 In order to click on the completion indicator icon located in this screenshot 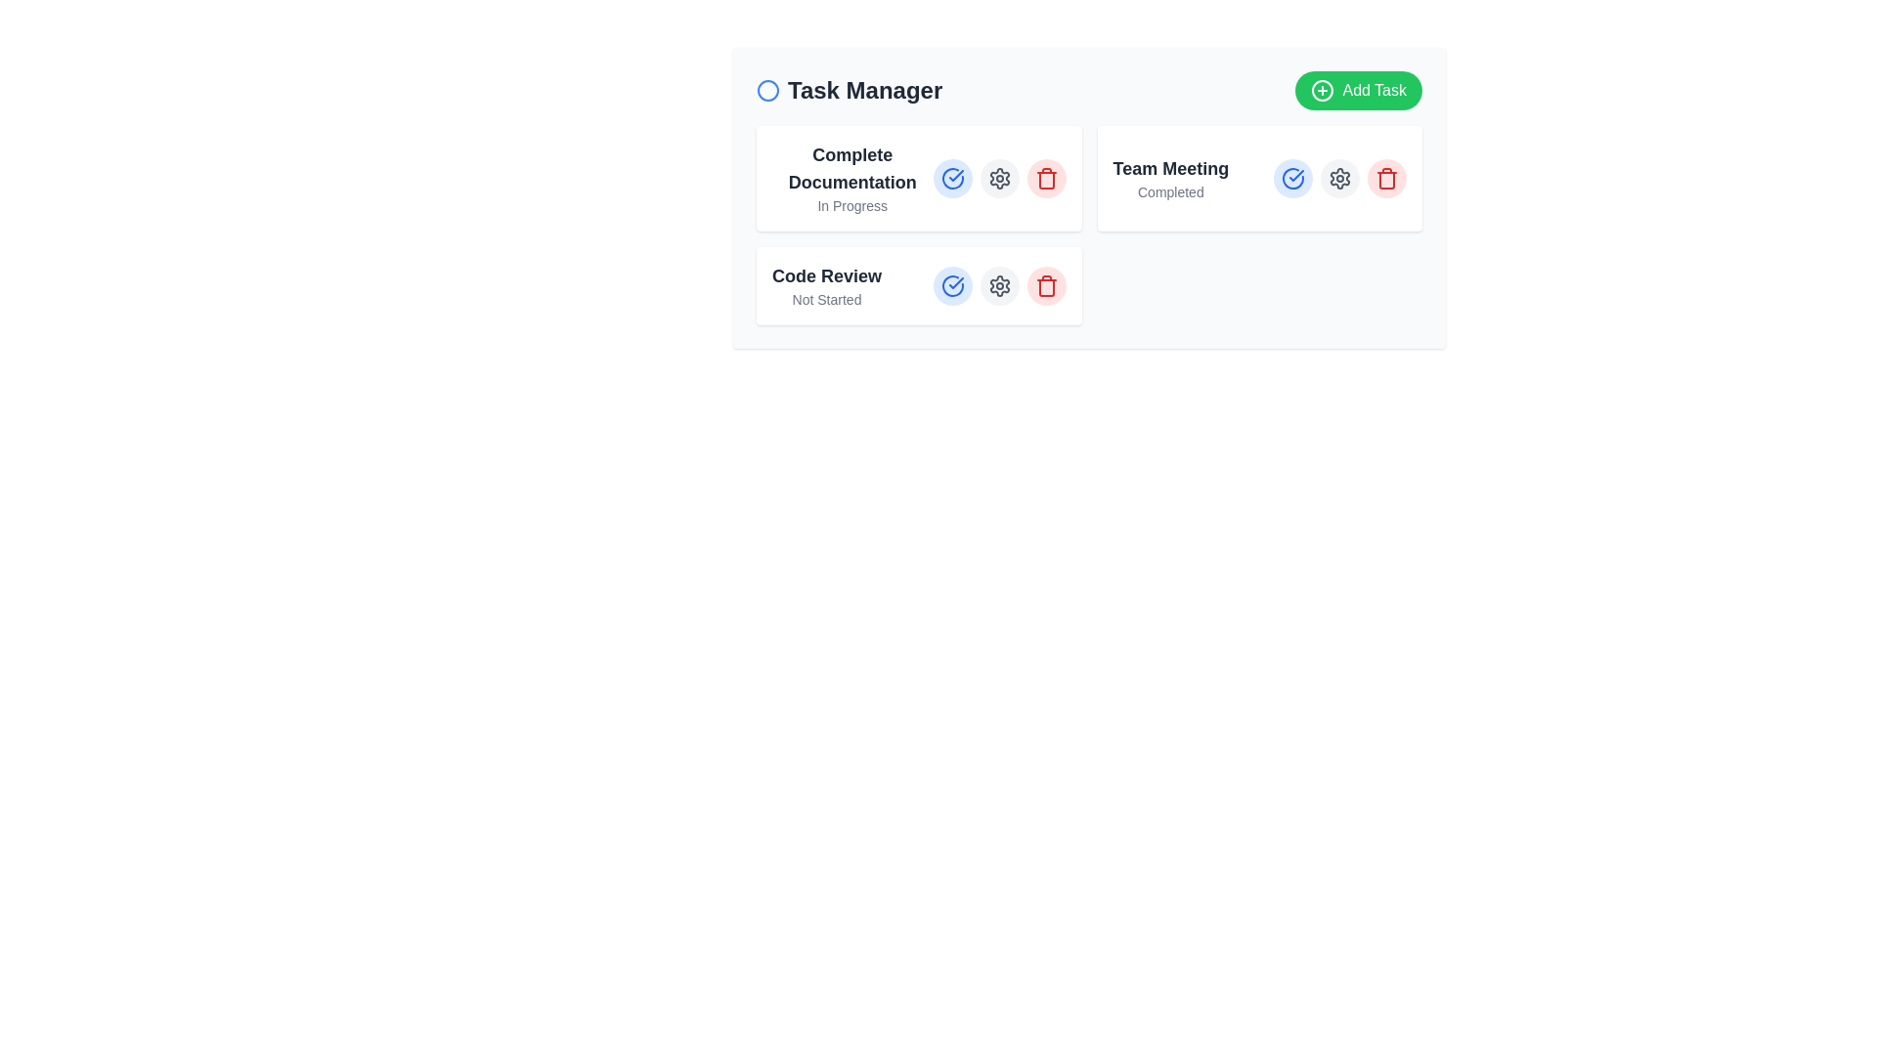, I will do `click(1293, 178)`.